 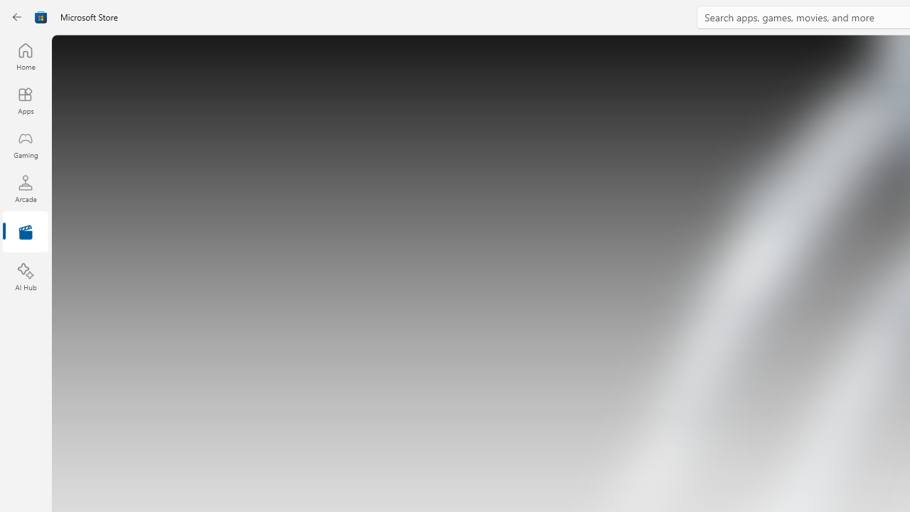 What do you see at coordinates (41, 17) in the screenshot?
I see `'Class: Image'` at bounding box center [41, 17].